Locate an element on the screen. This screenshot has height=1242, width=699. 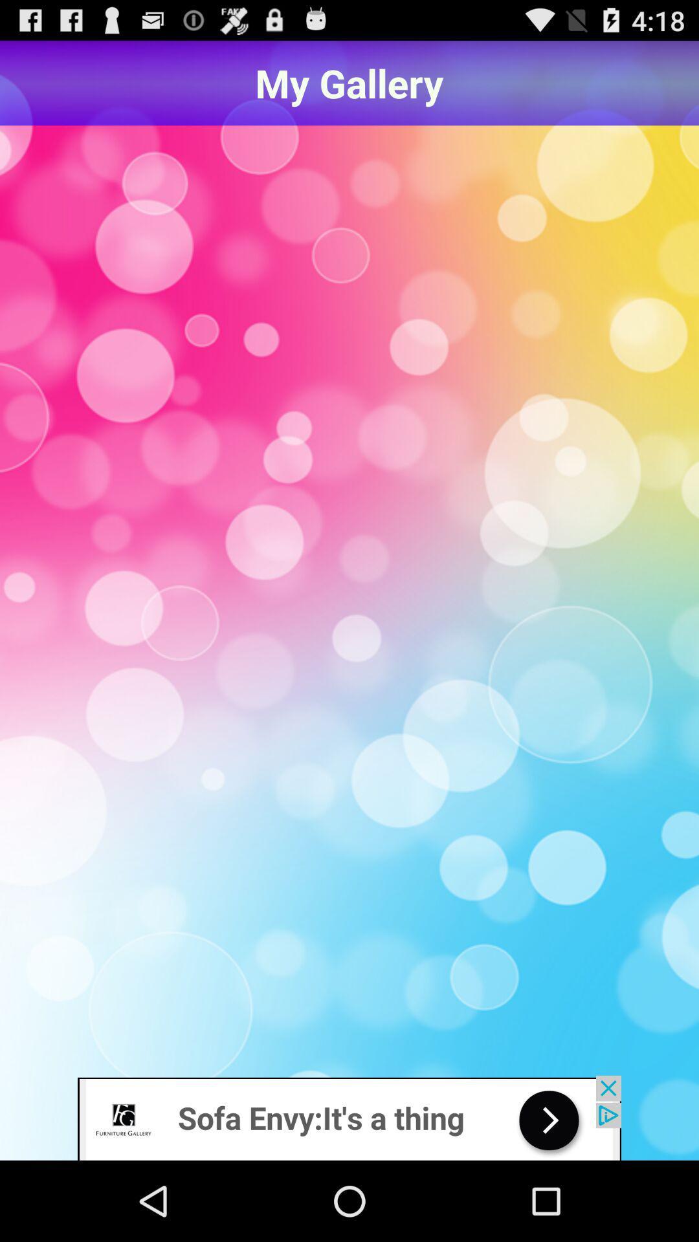
gallery is located at coordinates (349, 602).